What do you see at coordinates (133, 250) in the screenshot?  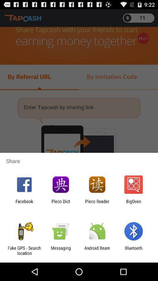 I see `icon next to the android beam icon` at bounding box center [133, 250].